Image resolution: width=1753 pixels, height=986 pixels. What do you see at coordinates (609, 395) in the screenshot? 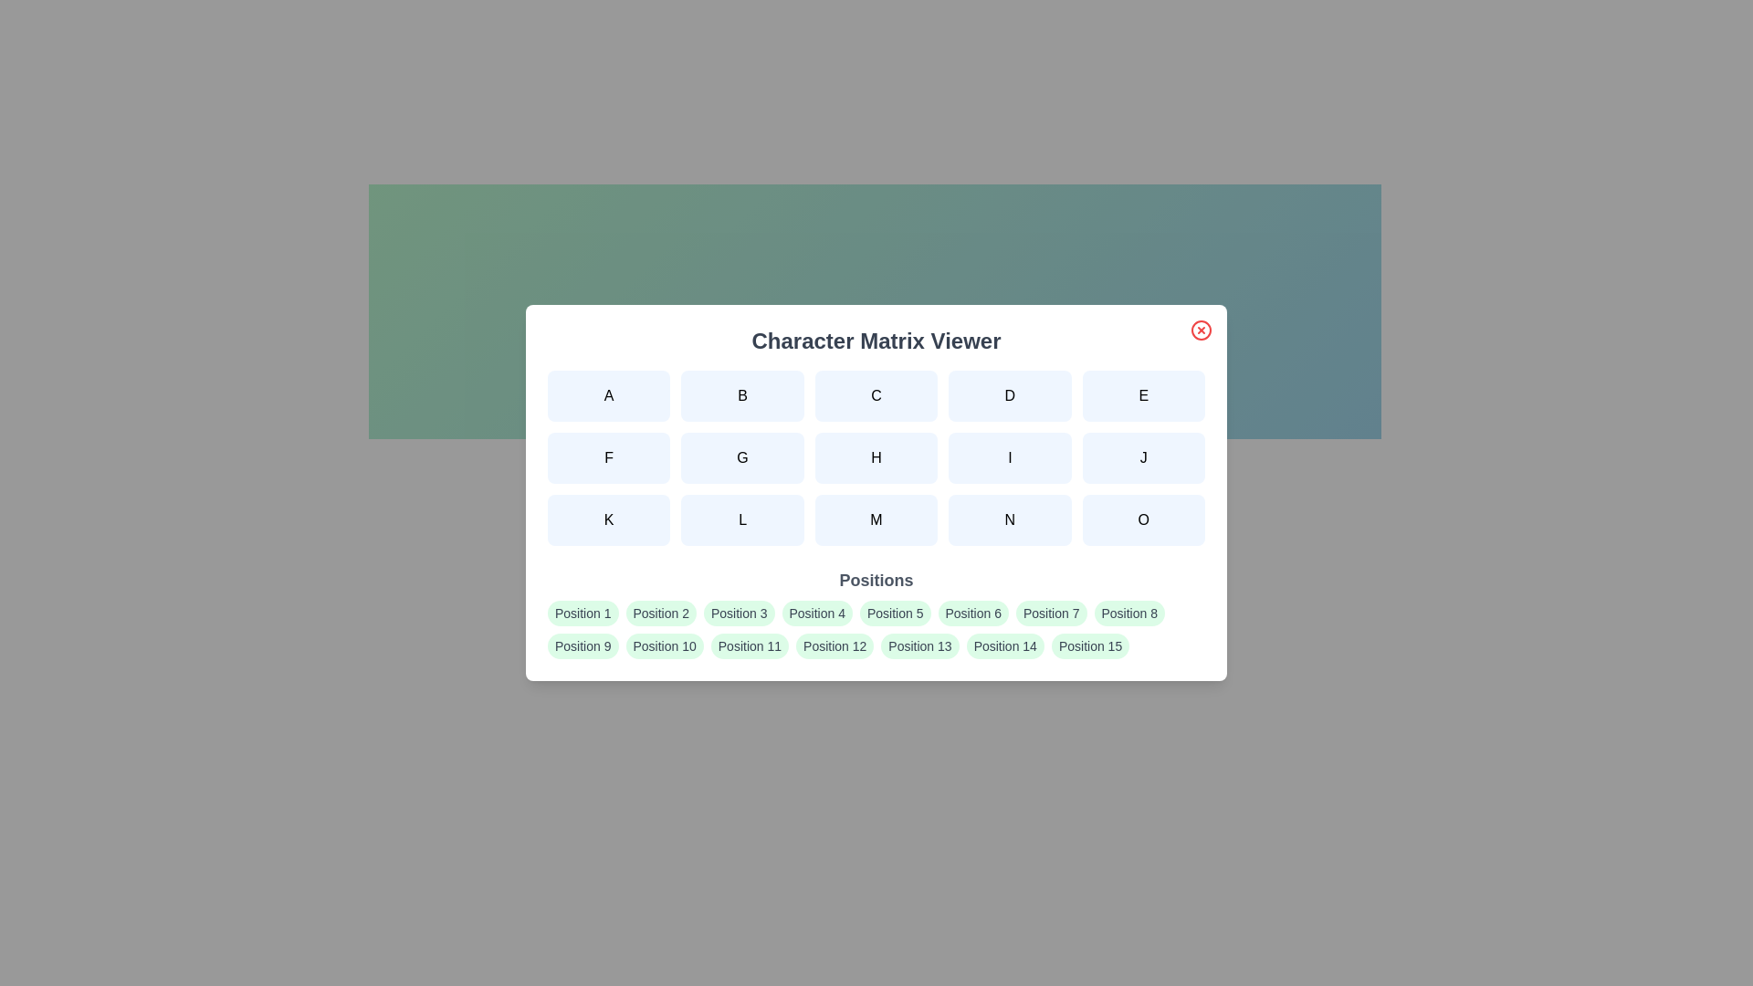
I see `the character button labeled A` at bounding box center [609, 395].